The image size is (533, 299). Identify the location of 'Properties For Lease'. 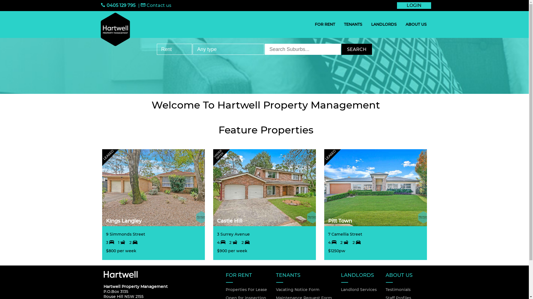
(246, 289).